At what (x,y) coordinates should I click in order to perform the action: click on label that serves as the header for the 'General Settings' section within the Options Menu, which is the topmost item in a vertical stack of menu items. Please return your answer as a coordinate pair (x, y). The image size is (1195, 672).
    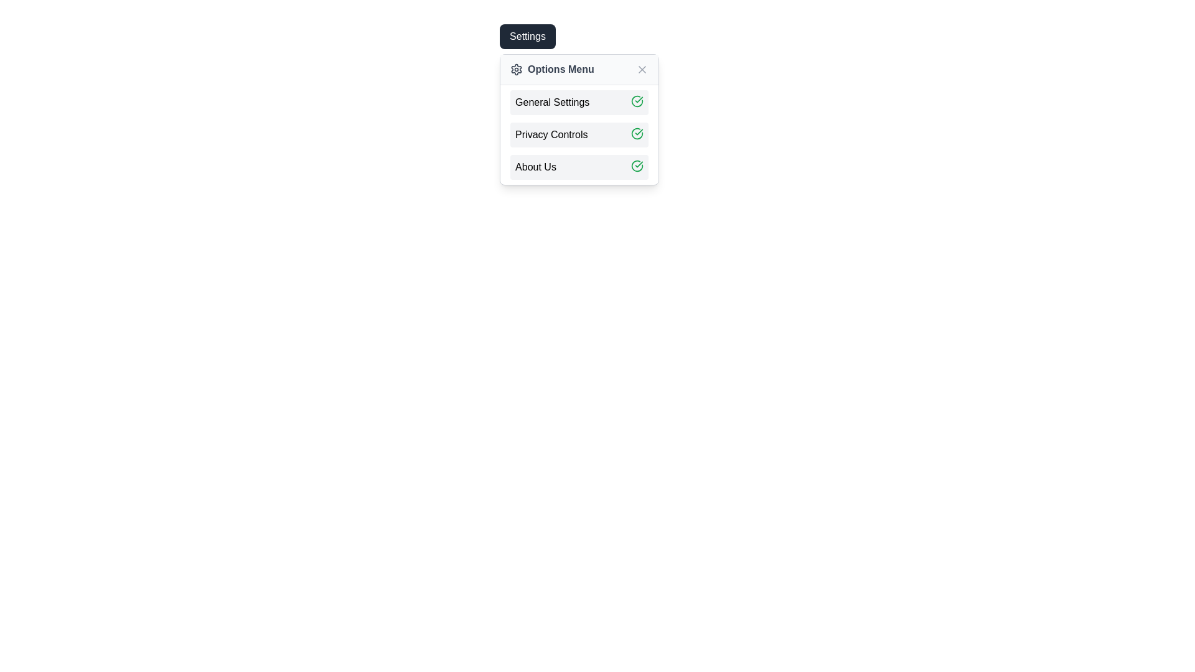
    Looking at the image, I should click on (551, 102).